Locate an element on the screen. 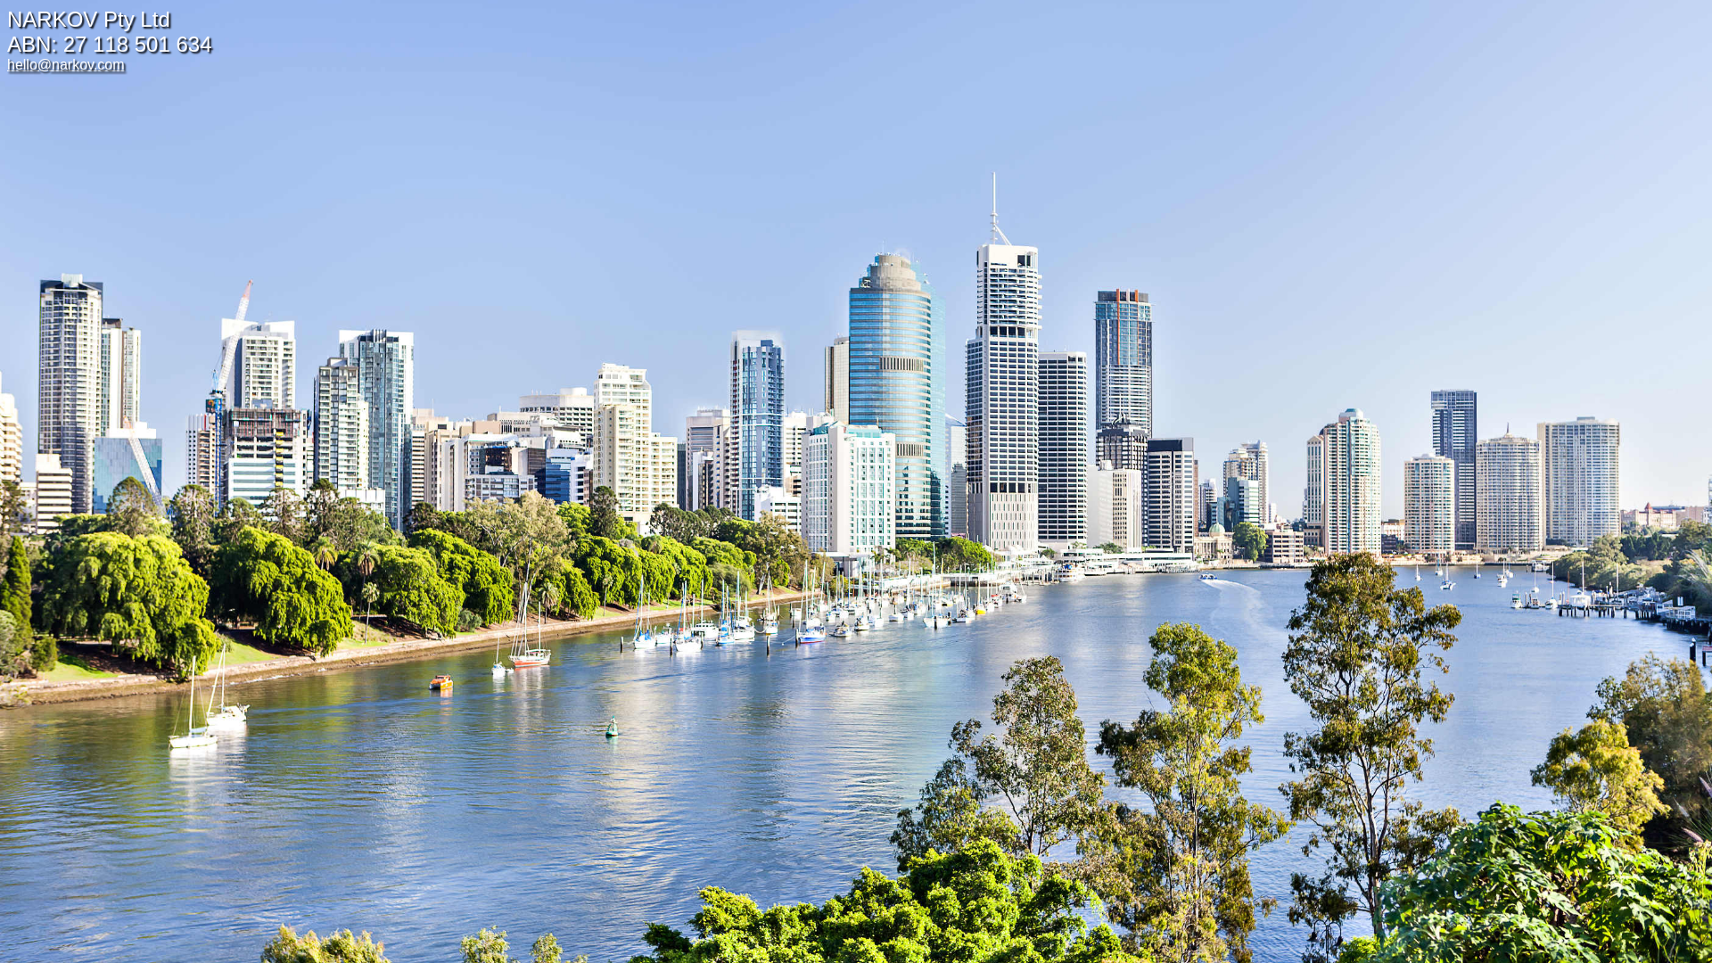 The image size is (1712, 963). 'hello@narkov.com' is located at coordinates (65, 63).